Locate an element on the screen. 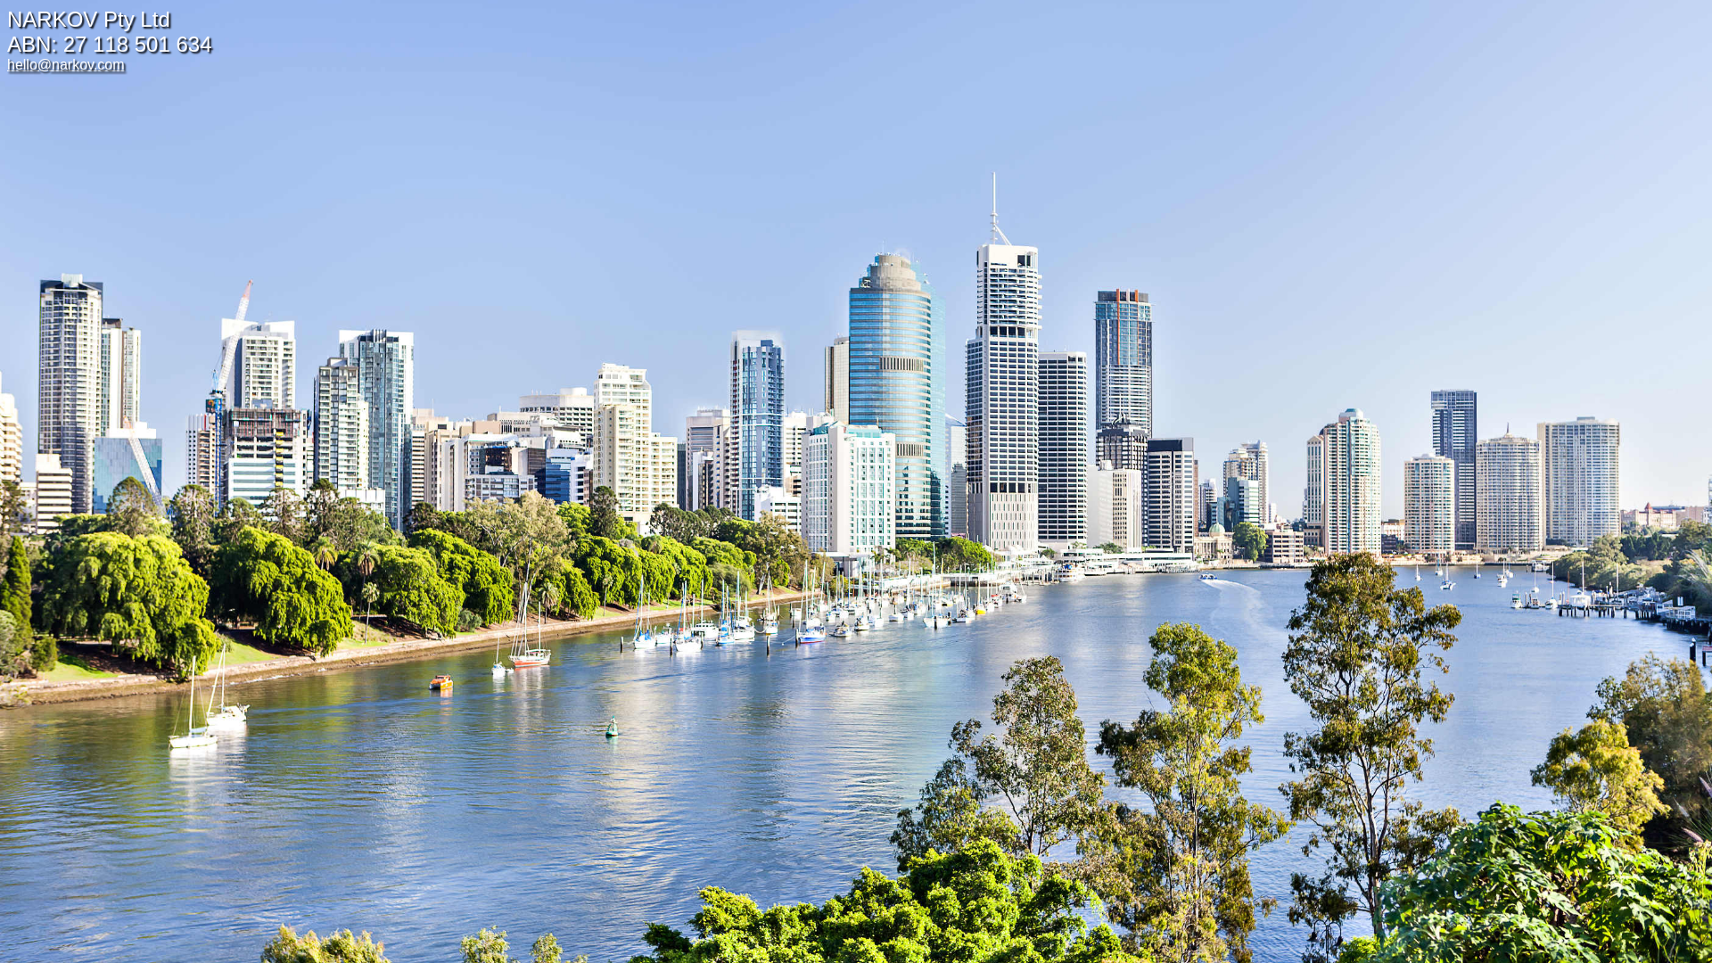 The image size is (1712, 963). 'hello@narkov.com' is located at coordinates (65, 63).